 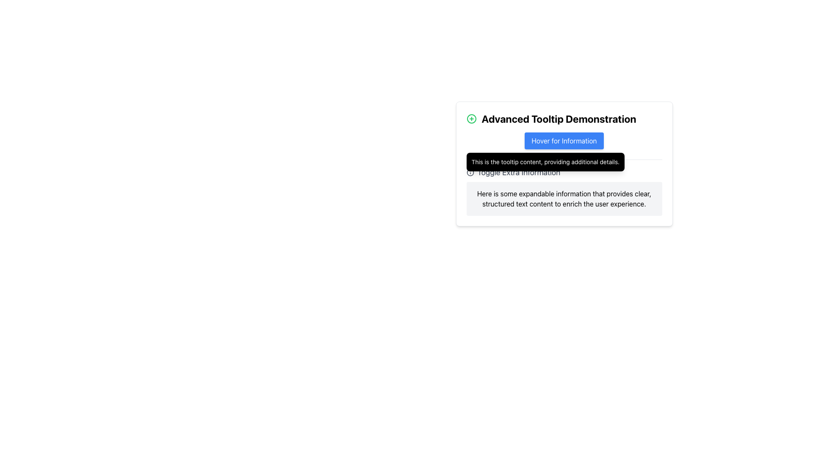 What do you see at coordinates (564, 140) in the screenshot?
I see `the centrally positioned button that displays a tooltip when hovered, located above a black tooltip box` at bounding box center [564, 140].